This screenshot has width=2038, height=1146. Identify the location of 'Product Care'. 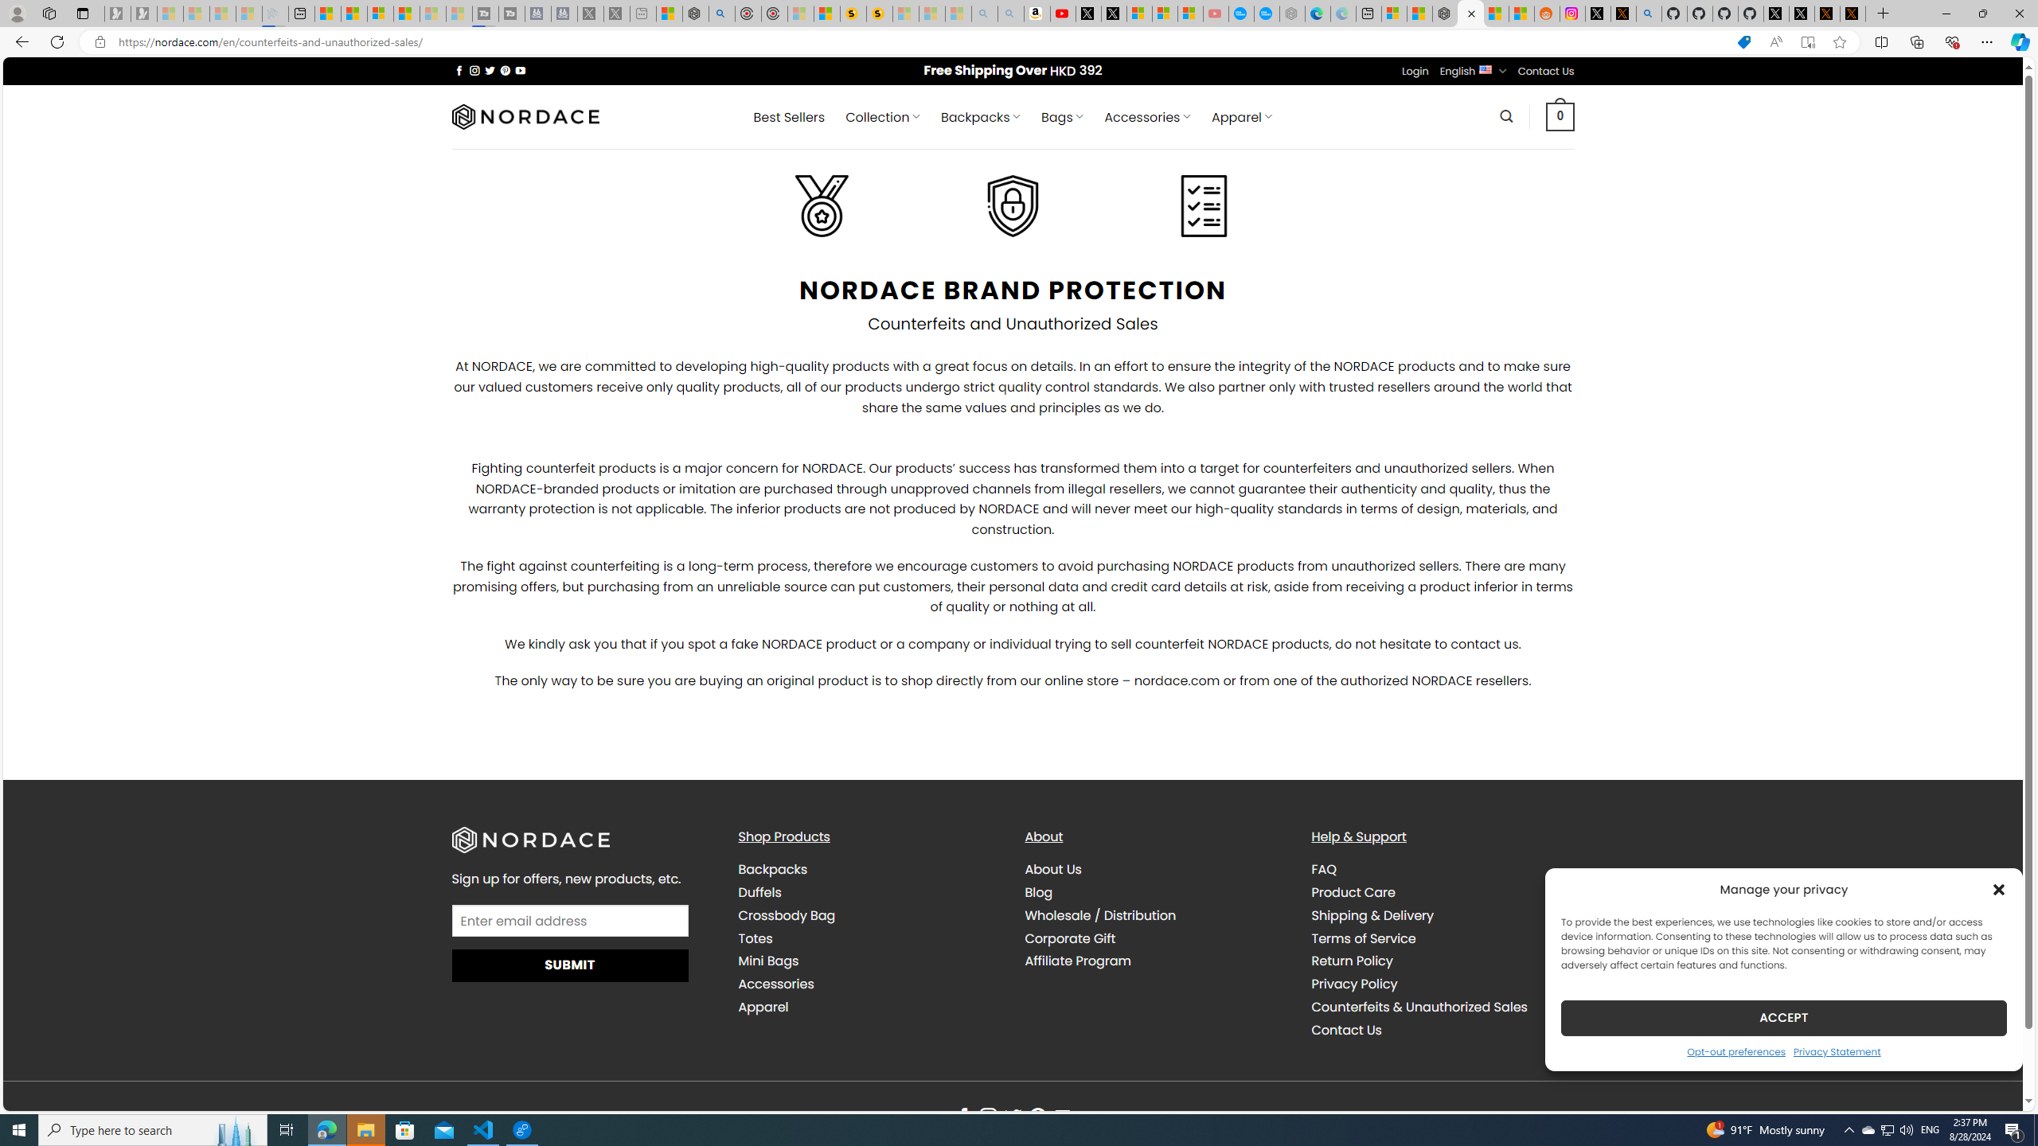
(1442, 892).